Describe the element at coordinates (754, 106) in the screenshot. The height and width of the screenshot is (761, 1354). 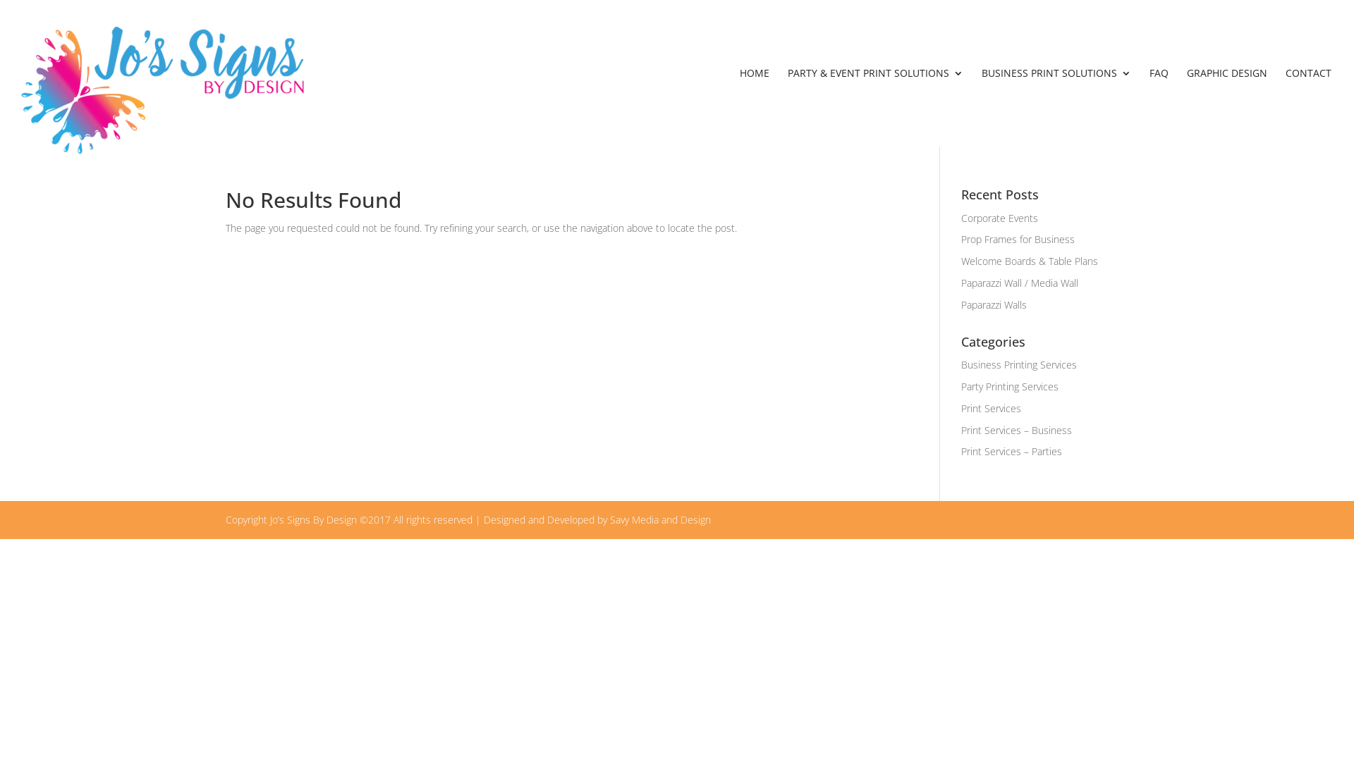
I see `'HOME'` at that location.